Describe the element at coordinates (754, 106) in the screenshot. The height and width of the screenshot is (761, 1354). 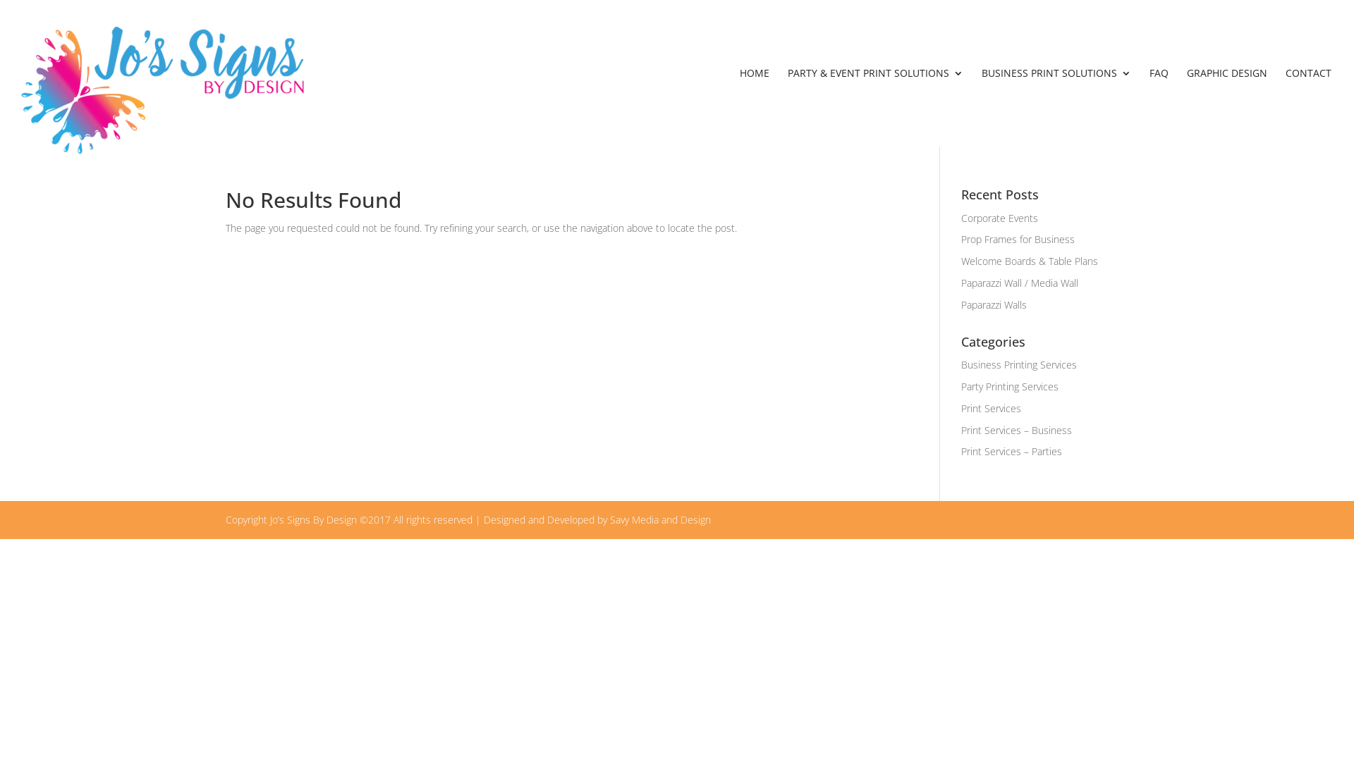
I see `'HOME'` at that location.